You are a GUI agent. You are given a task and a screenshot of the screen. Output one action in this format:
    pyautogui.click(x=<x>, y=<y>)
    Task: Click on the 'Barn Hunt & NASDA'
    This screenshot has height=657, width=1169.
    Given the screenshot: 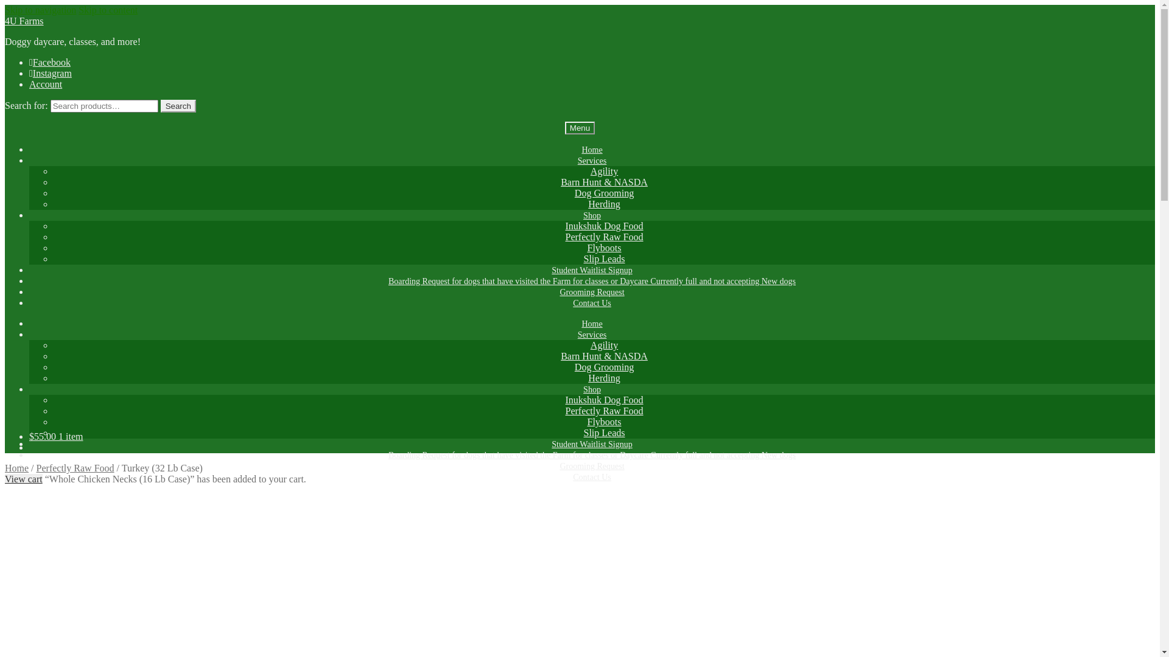 What is the action you would take?
    pyautogui.click(x=604, y=182)
    